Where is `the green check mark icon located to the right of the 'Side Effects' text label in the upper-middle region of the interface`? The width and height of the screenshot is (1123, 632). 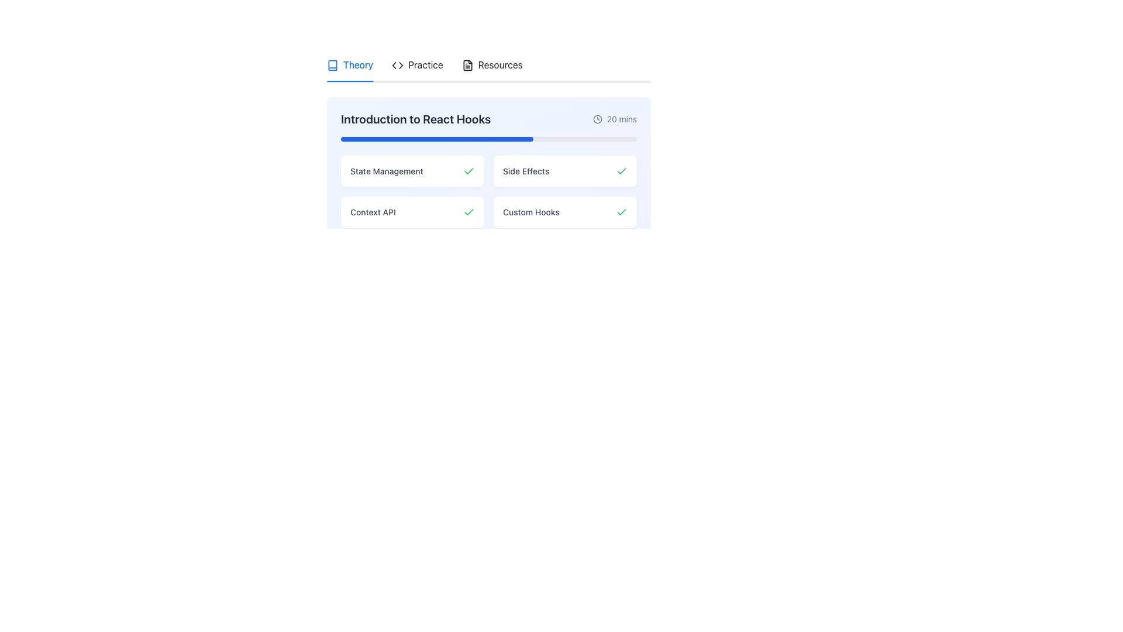 the green check mark icon located to the right of the 'Side Effects' text label in the upper-middle region of the interface is located at coordinates (621, 171).